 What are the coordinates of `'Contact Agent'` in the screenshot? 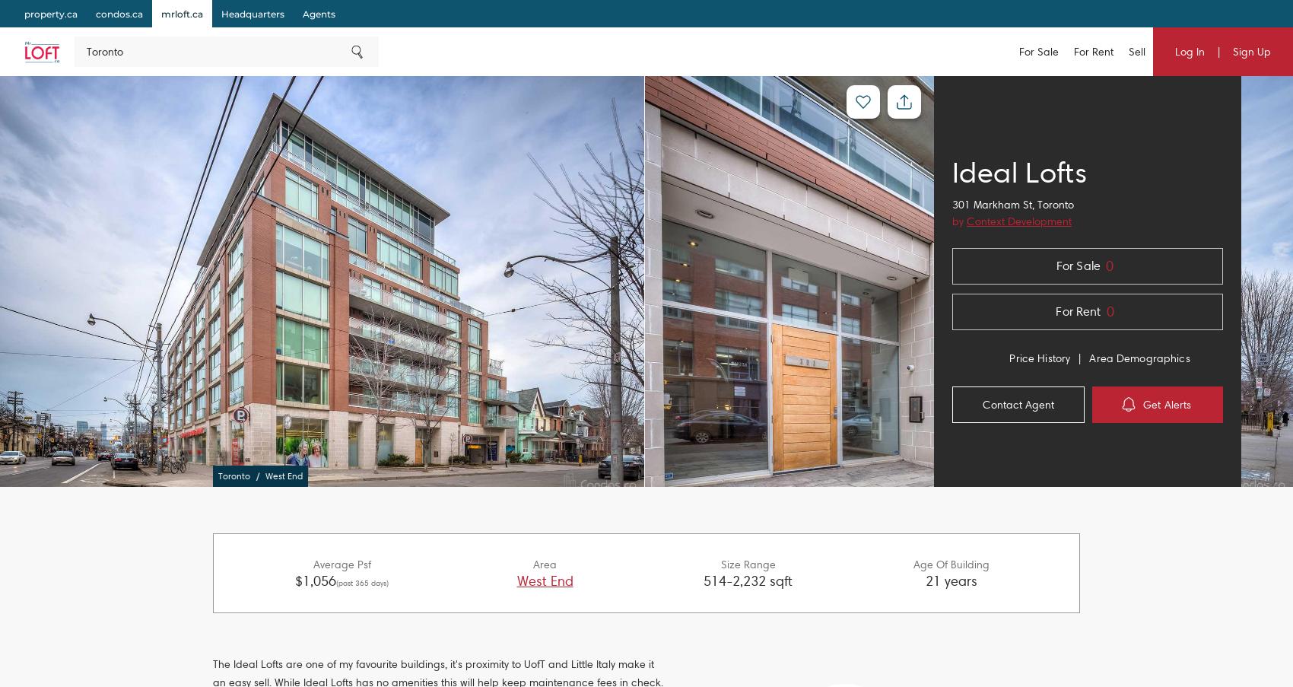 It's located at (1018, 403).